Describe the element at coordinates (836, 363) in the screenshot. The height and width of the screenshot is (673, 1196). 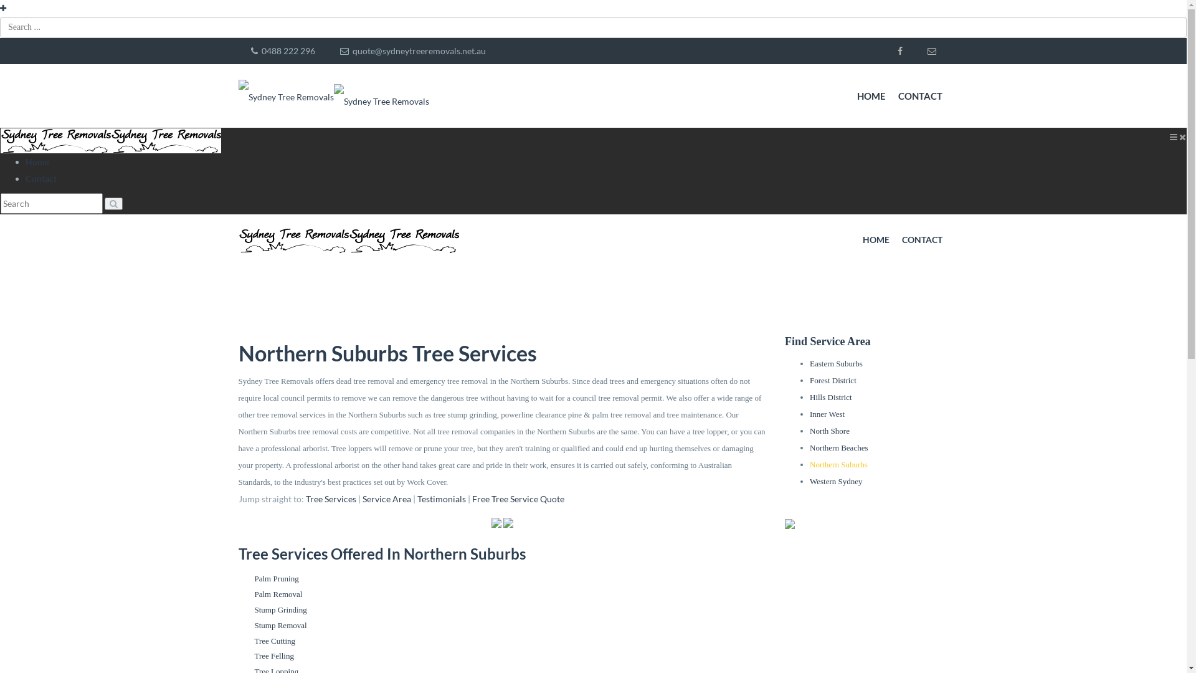
I see `'Eastern Suburbs'` at that location.